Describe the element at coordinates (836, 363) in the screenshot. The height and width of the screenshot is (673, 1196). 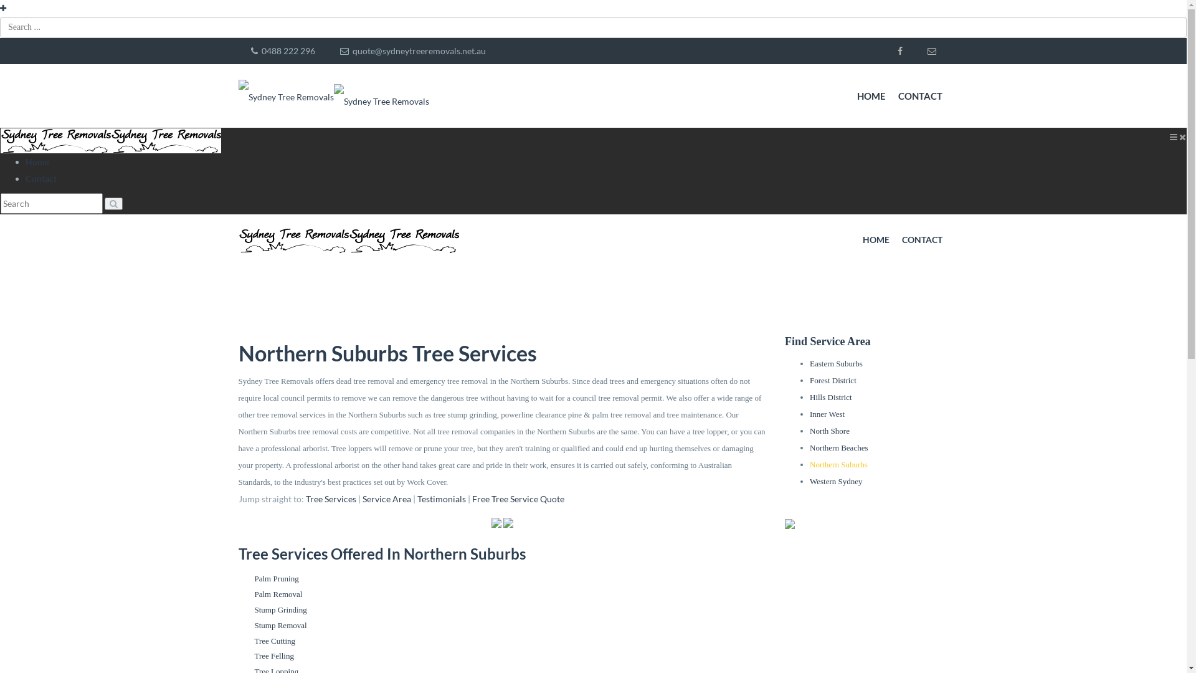
I see `'Eastern Suburbs'` at that location.